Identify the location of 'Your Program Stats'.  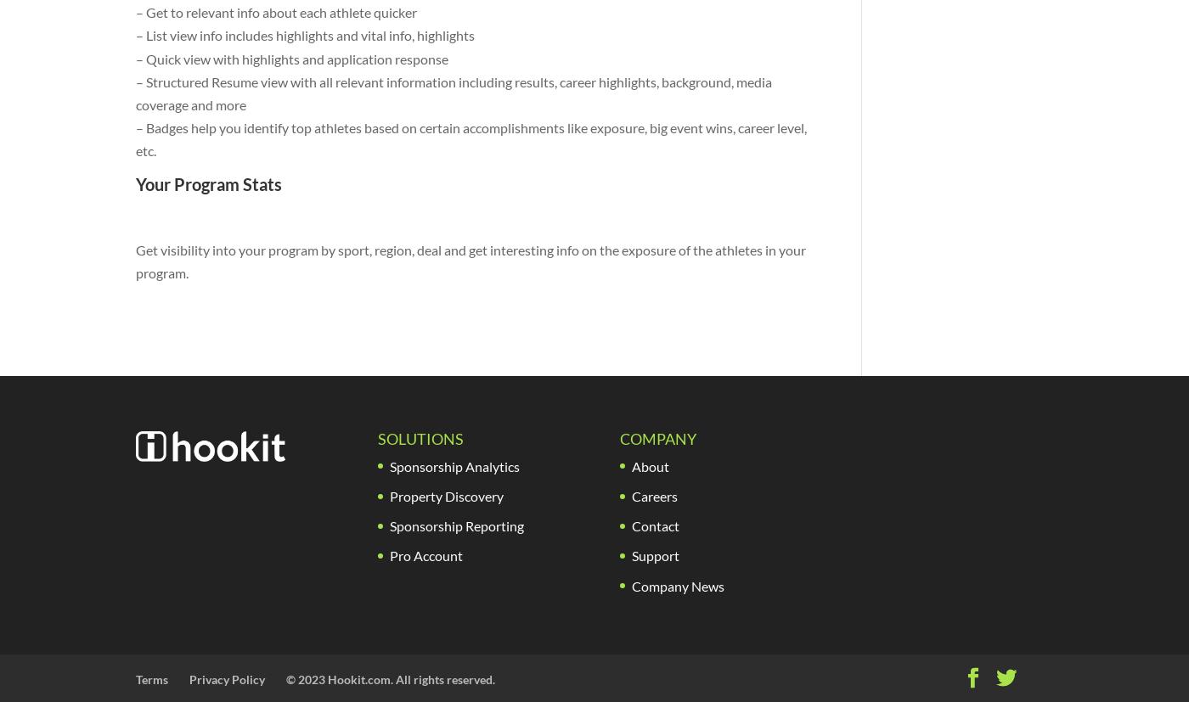
(207, 184).